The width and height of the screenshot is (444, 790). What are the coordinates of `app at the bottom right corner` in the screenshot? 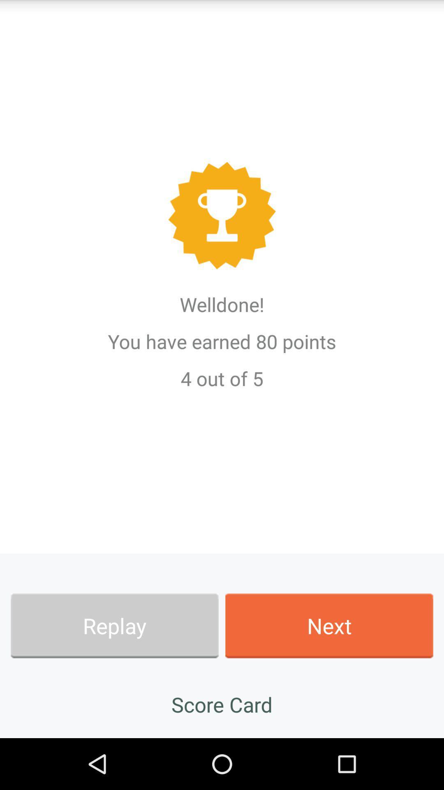 It's located at (329, 625).